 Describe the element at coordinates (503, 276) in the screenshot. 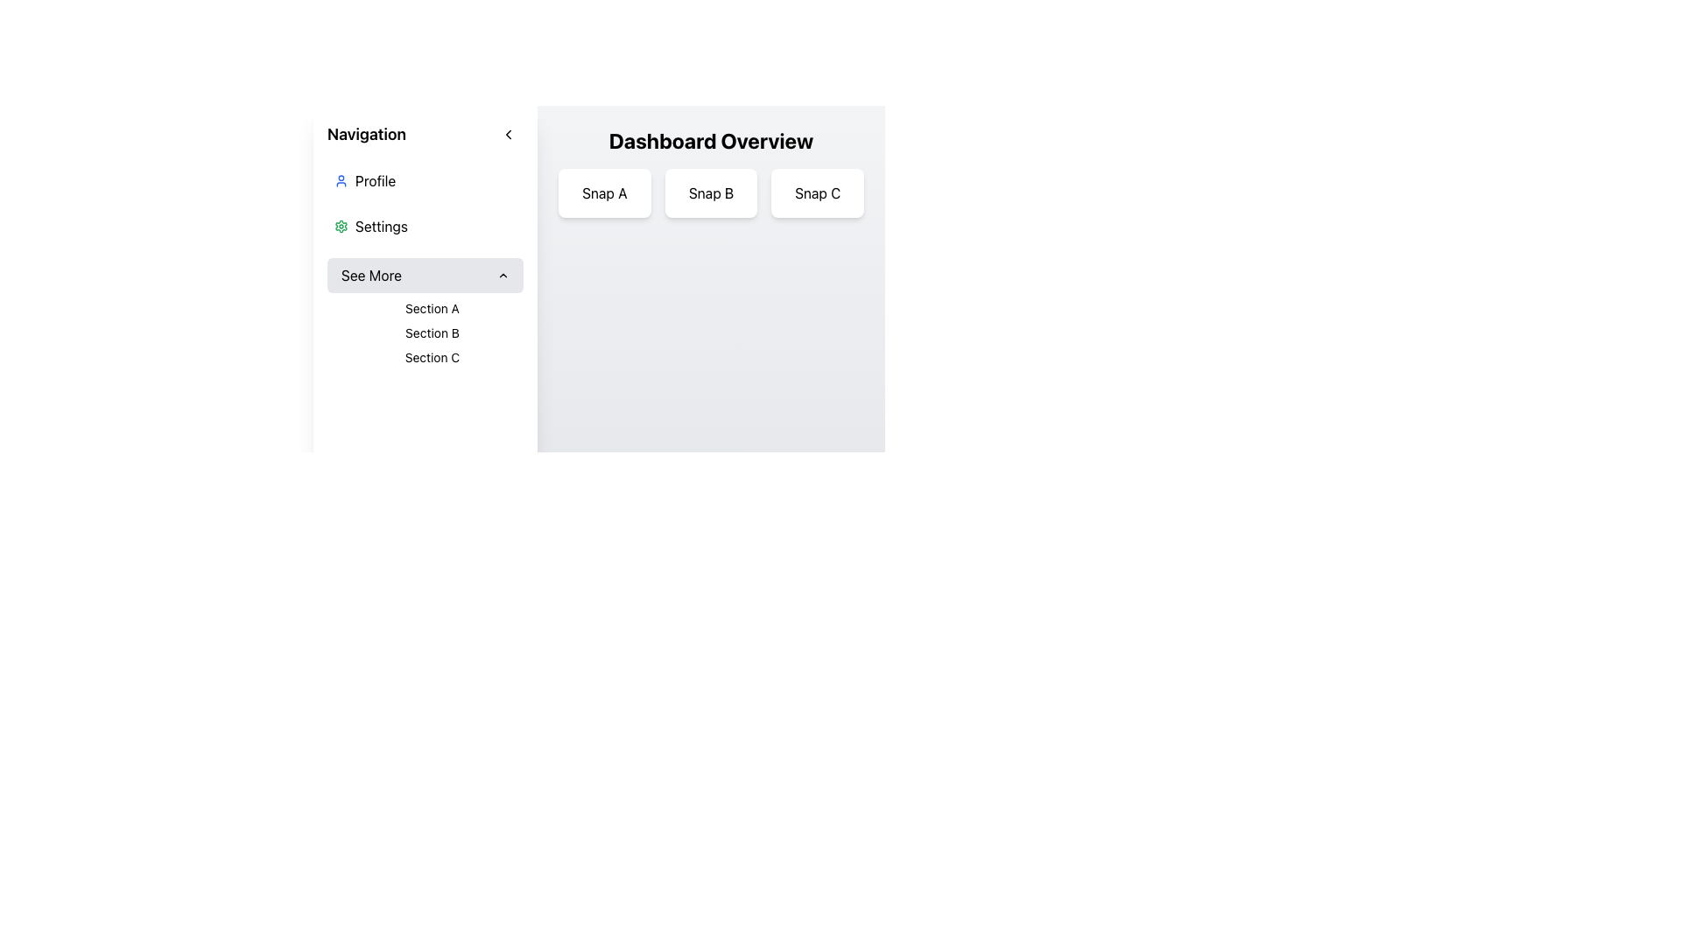

I see `the small upward-pointing arrow icon within the 'See More' button located in the navigation sidebar` at that location.